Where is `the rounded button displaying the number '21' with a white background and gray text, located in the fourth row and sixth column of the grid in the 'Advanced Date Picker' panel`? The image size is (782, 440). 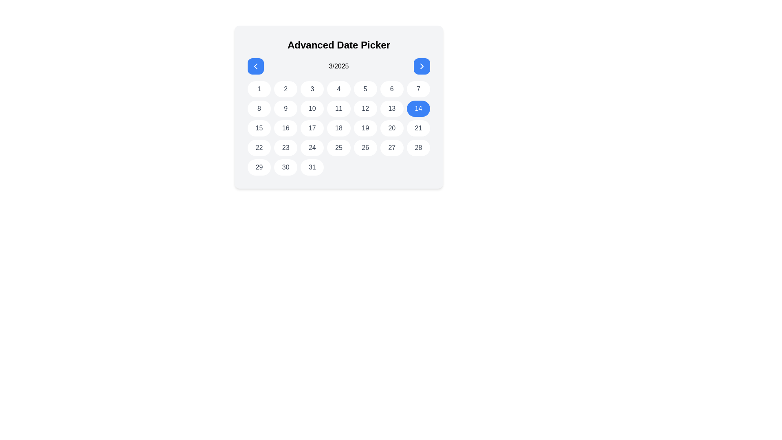 the rounded button displaying the number '21' with a white background and gray text, located in the fourth row and sixth column of the grid in the 'Advanced Date Picker' panel is located at coordinates (418, 128).